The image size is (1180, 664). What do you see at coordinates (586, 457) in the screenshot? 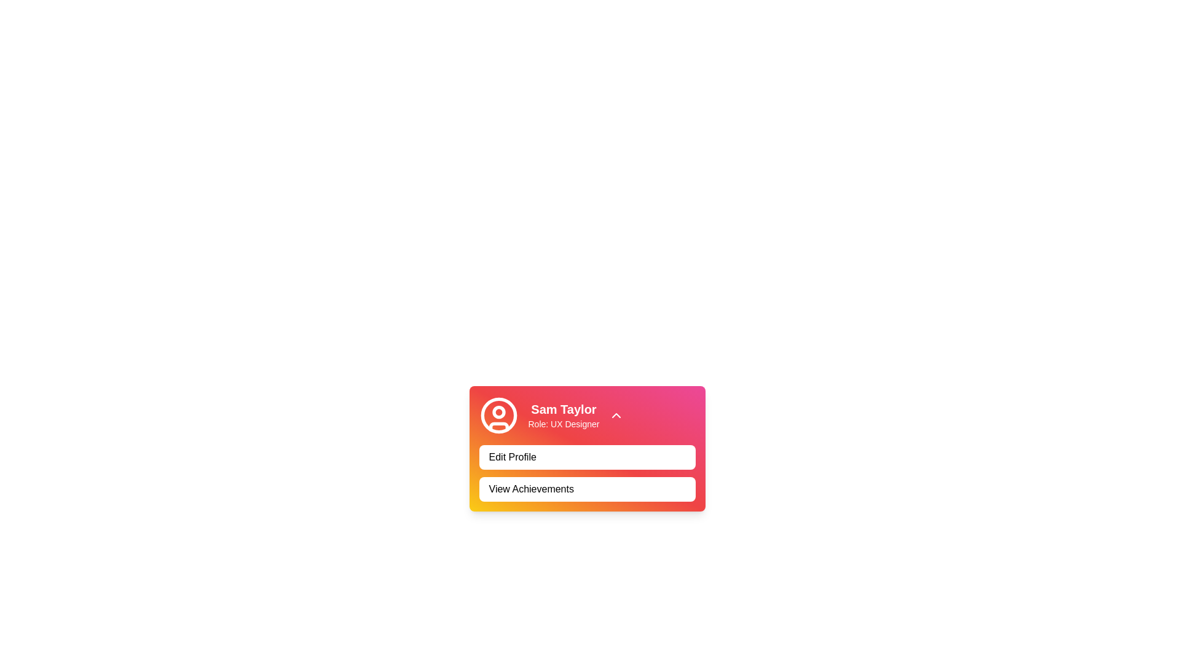
I see `the button located in the lower section of the card-like UI component that navigates to the profile editing interface` at bounding box center [586, 457].